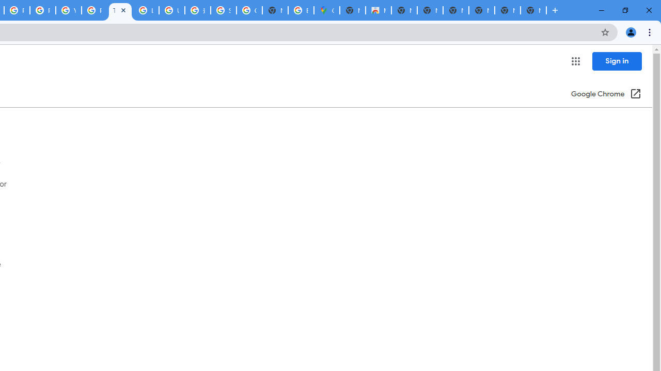  I want to click on 'Explore new street-level details - Google Maps Help', so click(301, 10).